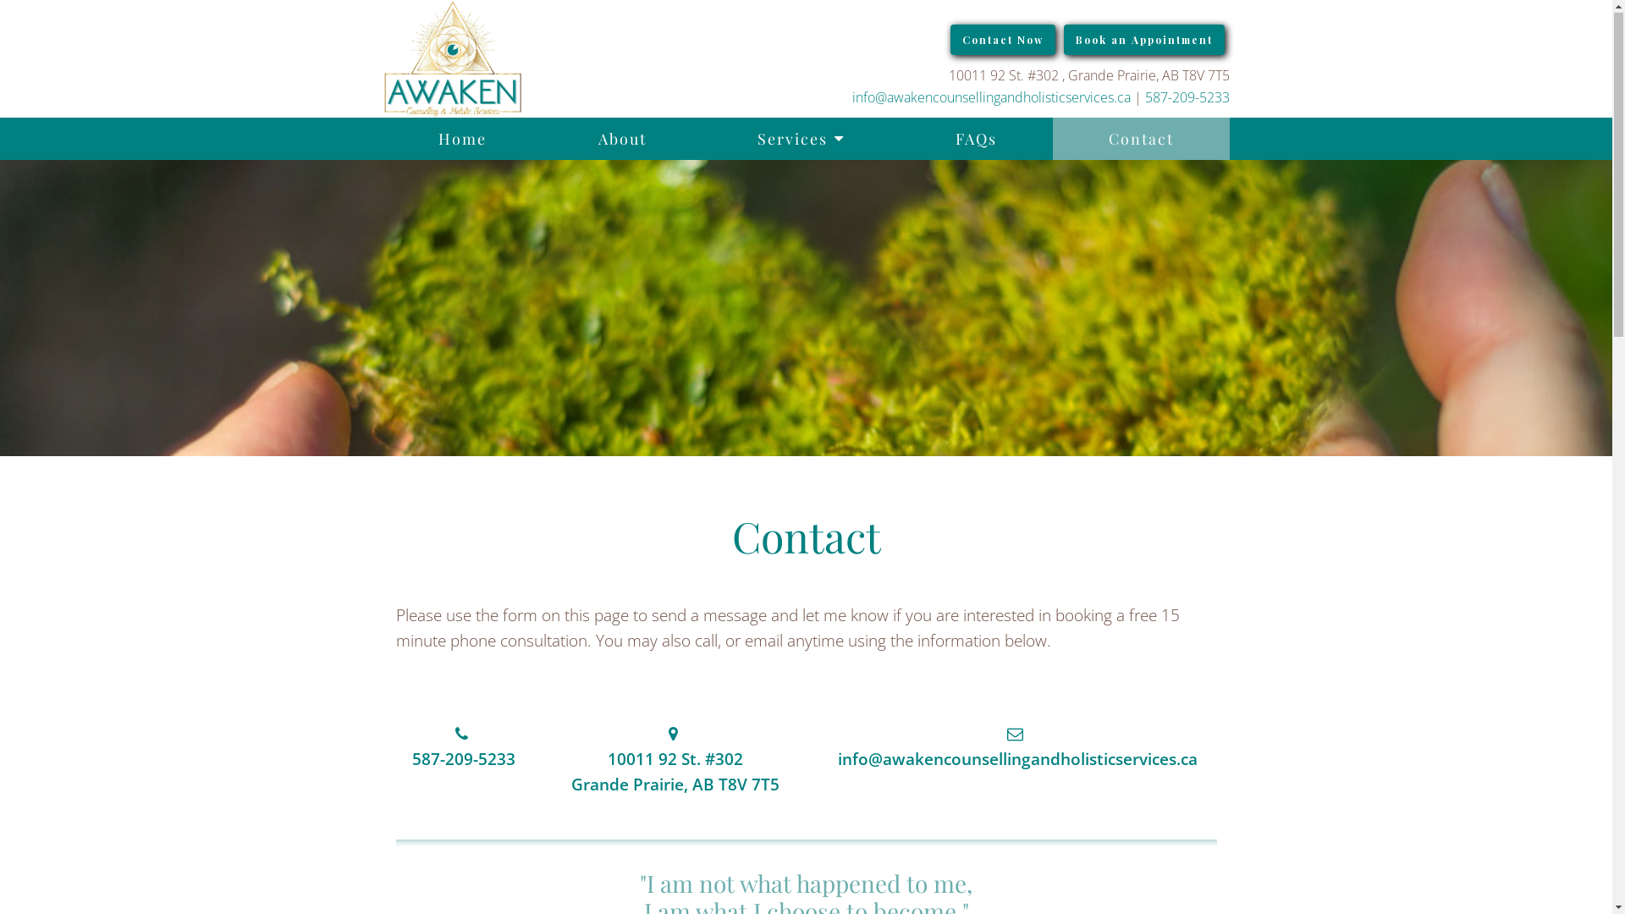 This screenshot has width=1625, height=914. What do you see at coordinates (462, 139) in the screenshot?
I see `'Home'` at bounding box center [462, 139].